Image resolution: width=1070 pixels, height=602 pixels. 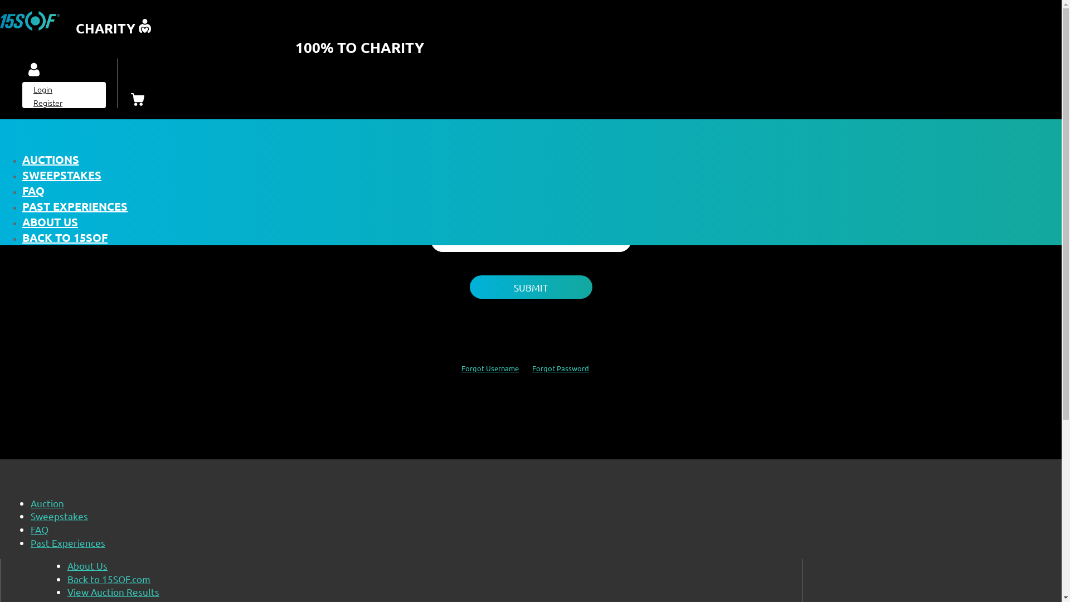 I want to click on 'ACCOUNT ACCOUNT ICON', so click(x=34, y=70).